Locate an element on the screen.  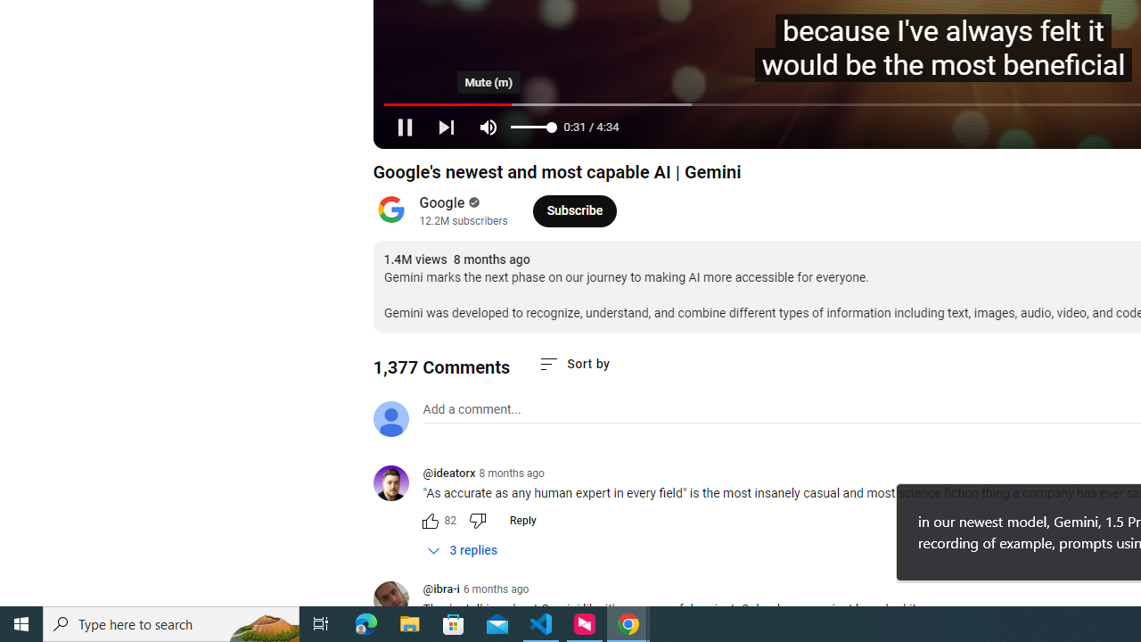
'AutomationID: simplebox-placeholder' is located at coordinates (472, 409).